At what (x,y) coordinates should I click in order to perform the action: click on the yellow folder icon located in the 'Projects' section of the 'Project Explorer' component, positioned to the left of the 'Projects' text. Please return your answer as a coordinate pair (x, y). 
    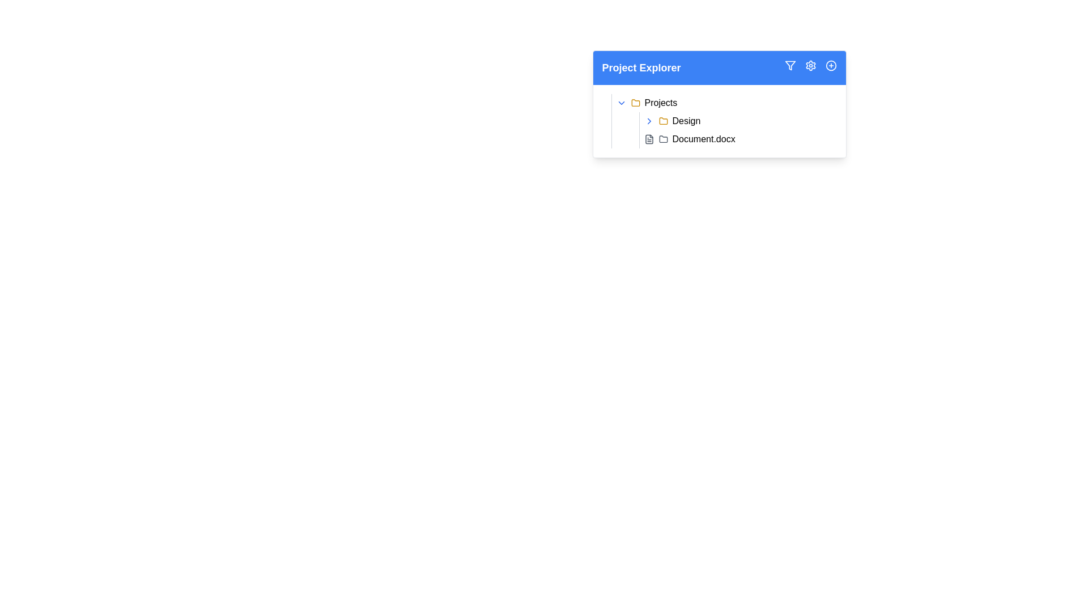
    Looking at the image, I should click on (635, 103).